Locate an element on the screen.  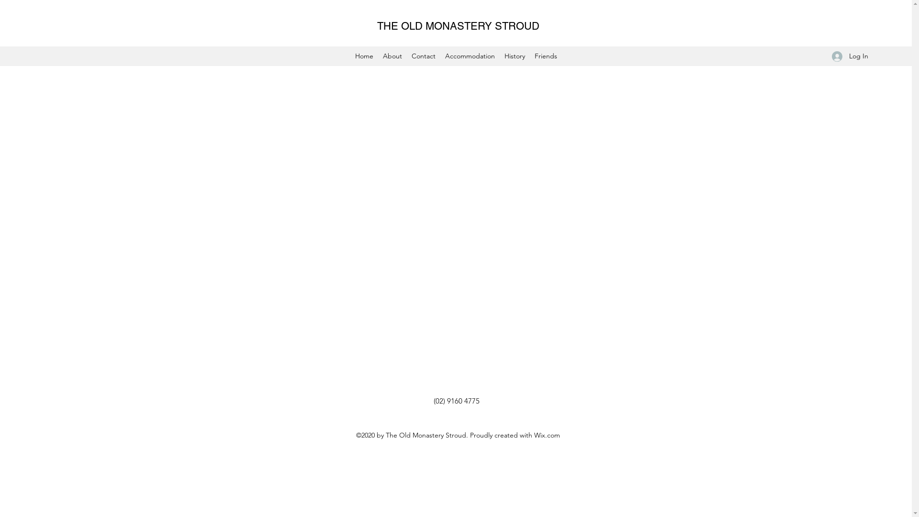
'Friends' is located at coordinates (545, 56).